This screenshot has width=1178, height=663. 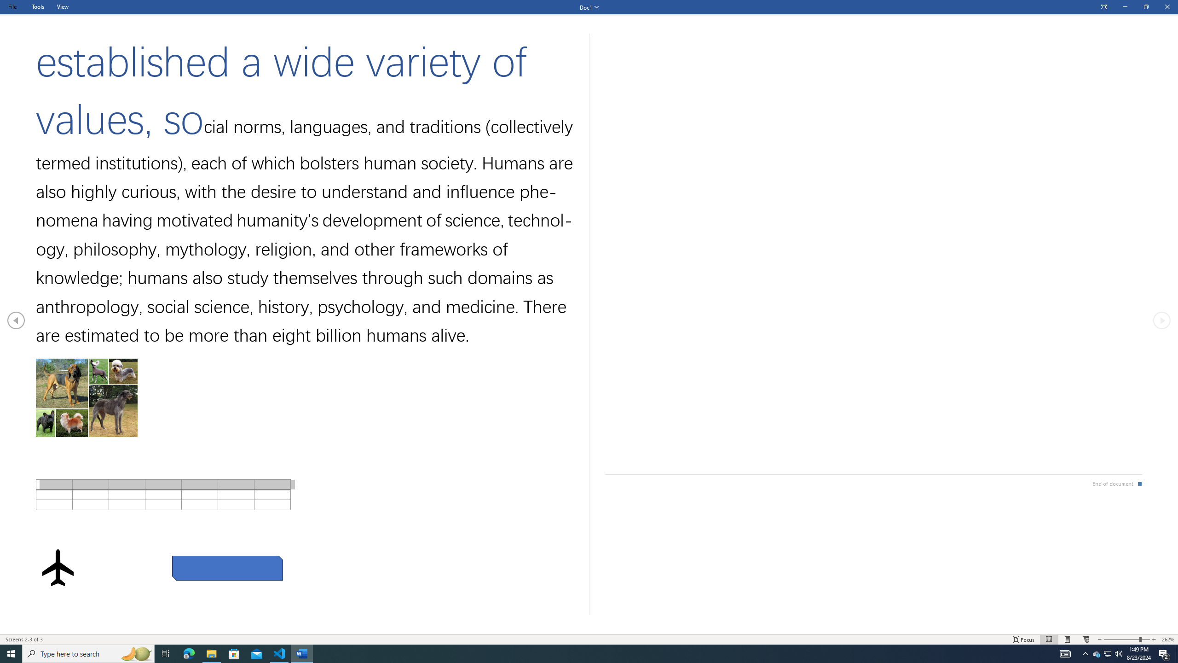 What do you see at coordinates (1154, 640) in the screenshot?
I see `'Increase Text Size'` at bounding box center [1154, 640].